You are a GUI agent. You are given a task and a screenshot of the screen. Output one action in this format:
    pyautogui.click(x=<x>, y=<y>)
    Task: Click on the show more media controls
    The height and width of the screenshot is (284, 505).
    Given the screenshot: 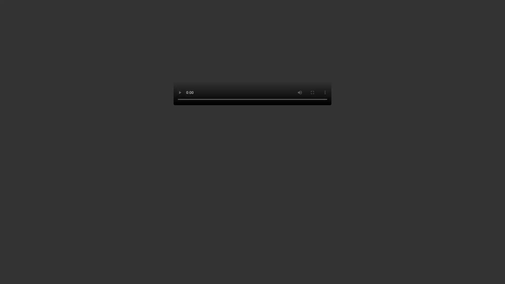 What is the action you would take?
    pyautogui.click(x=325, y=92)
    